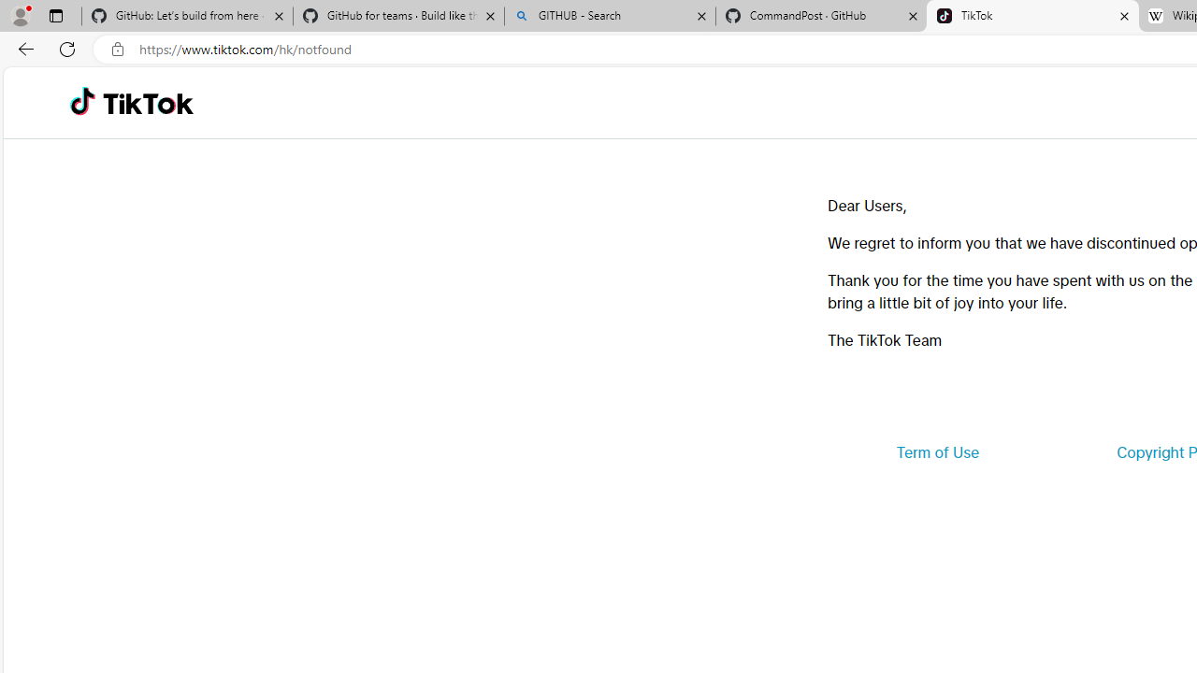 The height and width of the screenshot is (673, 1197). Describe the element at coordinates (55, 15) in the screenshot. I see `'Tab actions menu'` at that location.